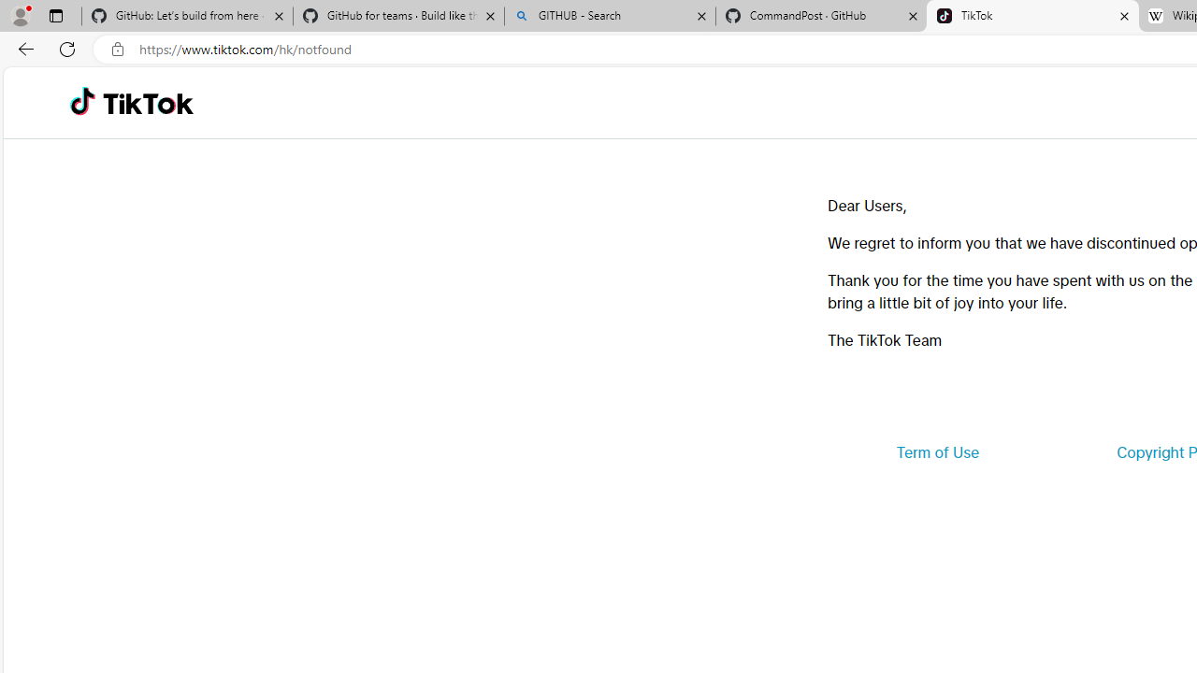 The height and width of the screenshot is (673, 1197). Describe the element at coordinates (55, 15) in the screenshot. I see `'Tab actions menu'` at that location.